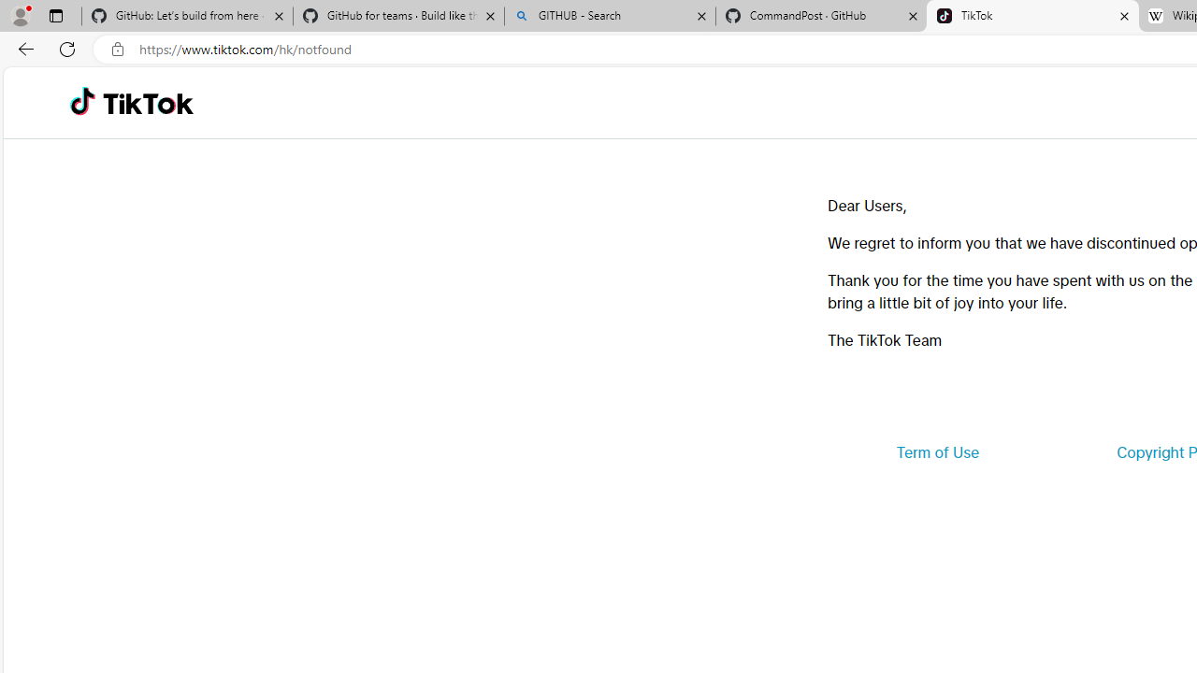 The height and width of the screenshot is (673, 1197). Describe the element at coordinates (55, 15) in the screenshot. I see `'Tab actions menu'` at that location.